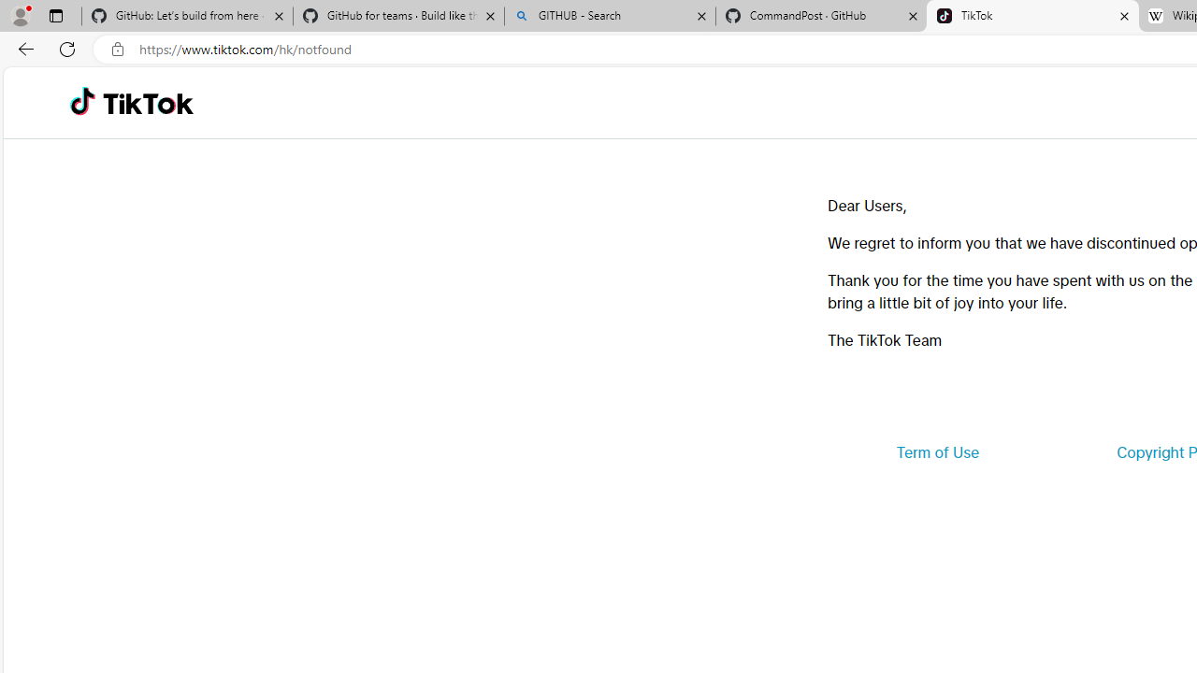 The height and width of the screenshot is (673, 1197). Describe the element at coordinates (55, 15) in the screenshot. I see `'Tab actions menu'` at that location.